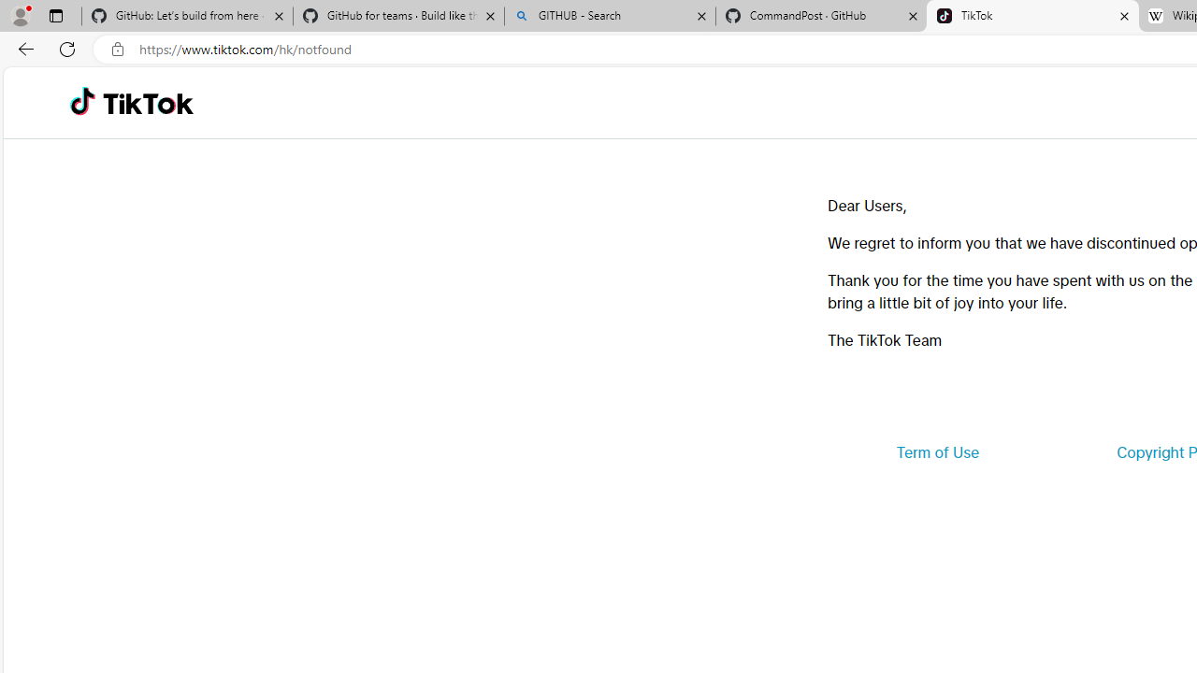 The height and width of the screenshot is (673, 1197). Describe the element at coordinates (55, 15) in the screenshot. I see `'Tab actions menu'` at that location.